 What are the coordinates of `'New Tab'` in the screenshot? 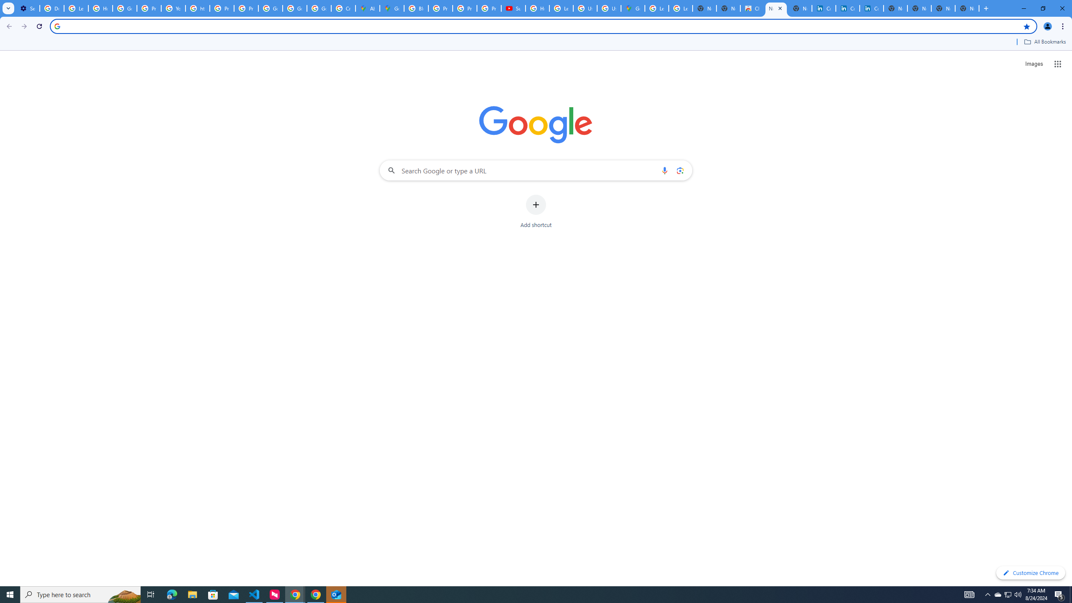 It's located at (967, 8).